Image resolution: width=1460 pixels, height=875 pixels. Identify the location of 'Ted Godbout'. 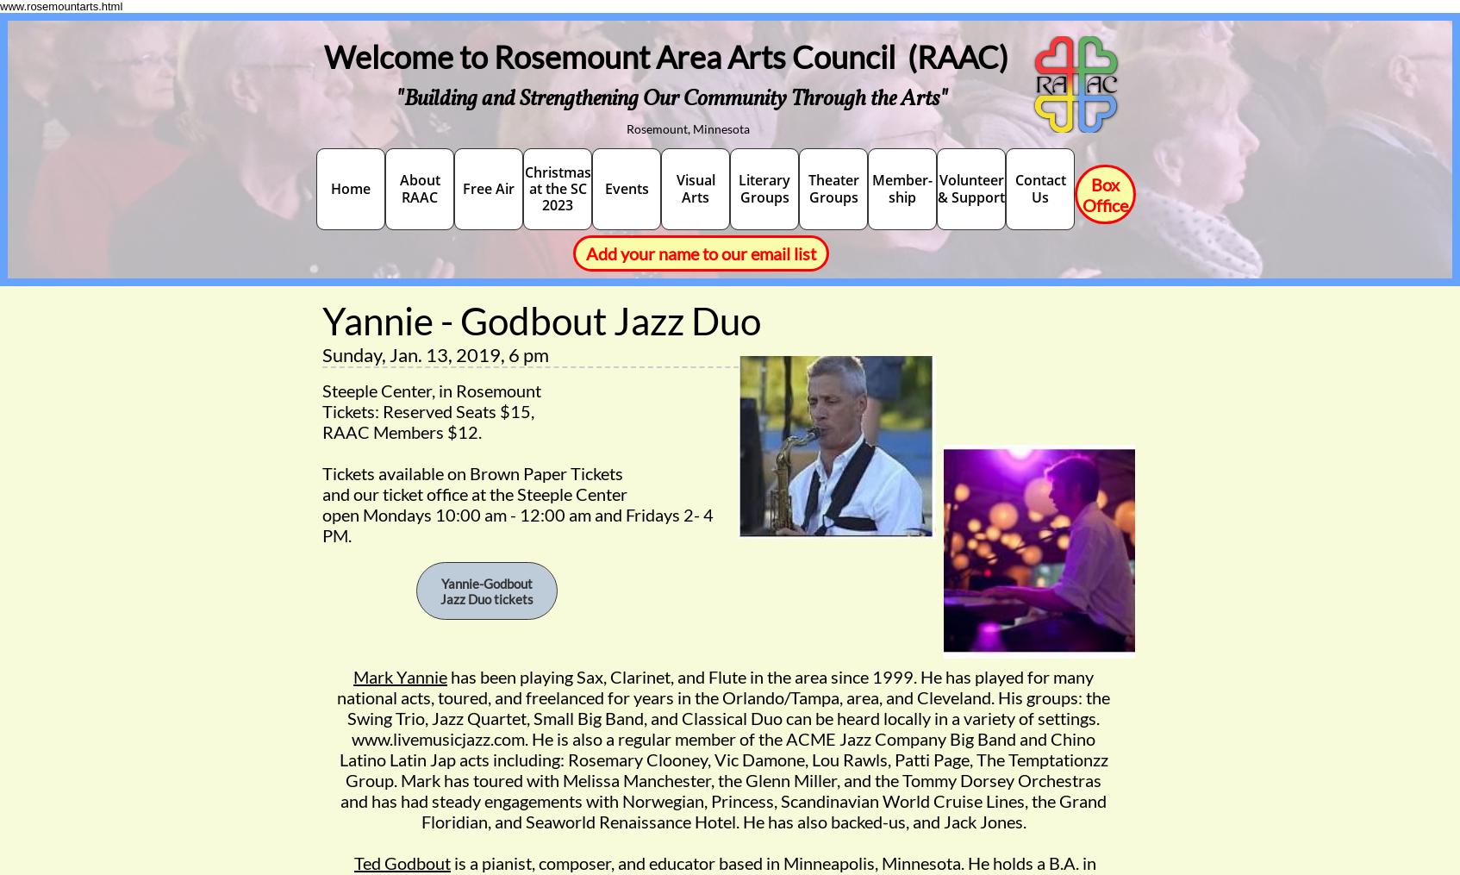
(402, 861).